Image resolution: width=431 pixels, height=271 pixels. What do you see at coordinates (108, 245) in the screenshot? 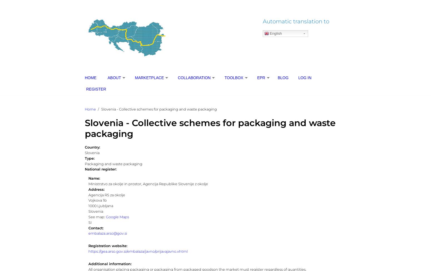
I see `'Registration website:'` at bounding box center [108, 245].